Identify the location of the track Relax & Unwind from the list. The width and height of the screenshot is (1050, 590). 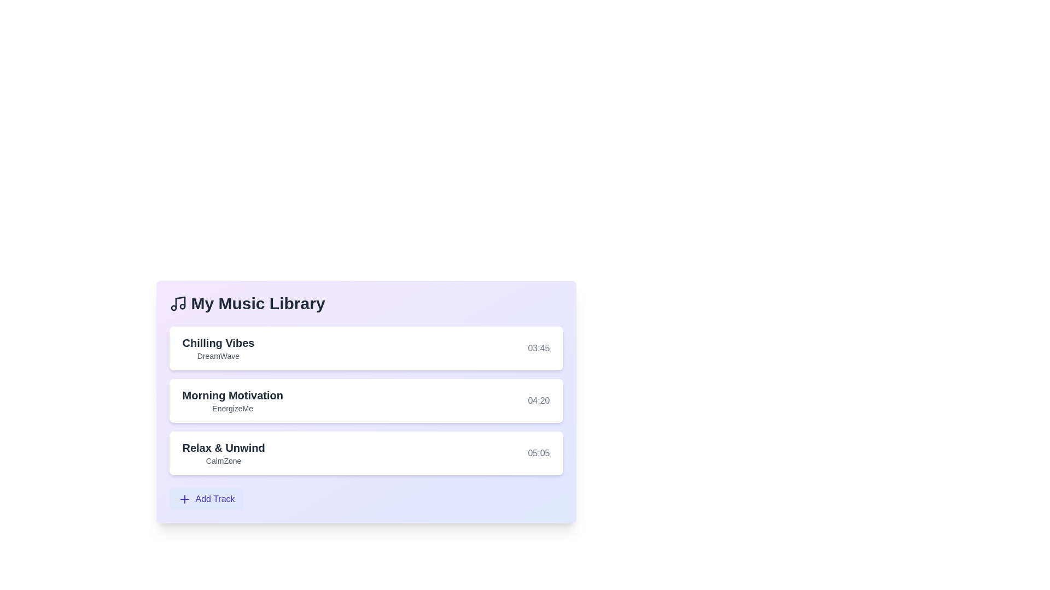
(366, 453).